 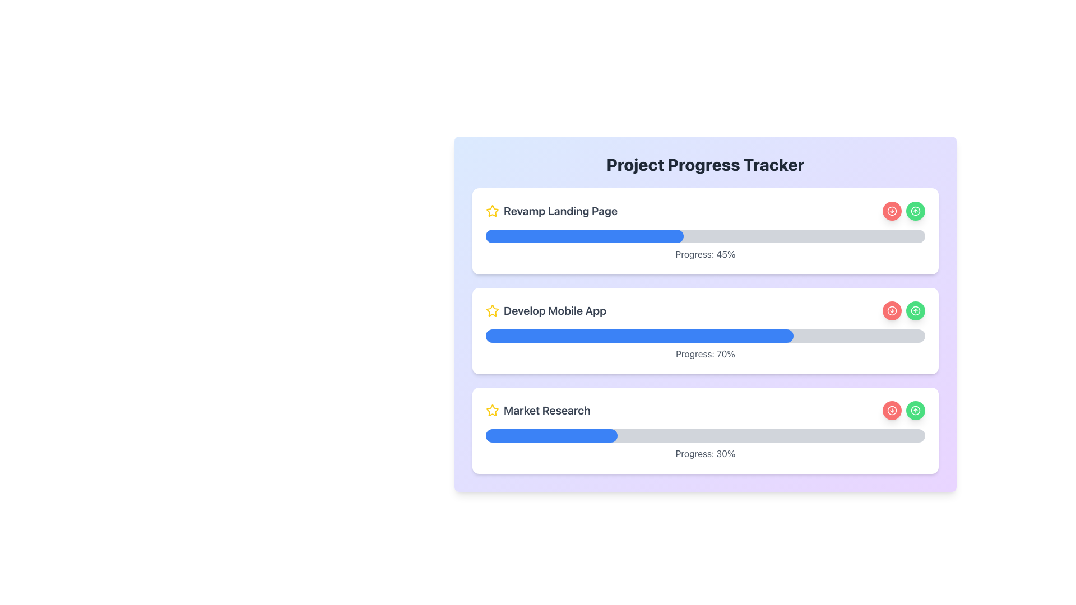 I want to click on the green circular button with a white up arrow, which is the rightmost icon in the third progress tracker item of the 'Market Research' task card, so click(x=915, y=410).